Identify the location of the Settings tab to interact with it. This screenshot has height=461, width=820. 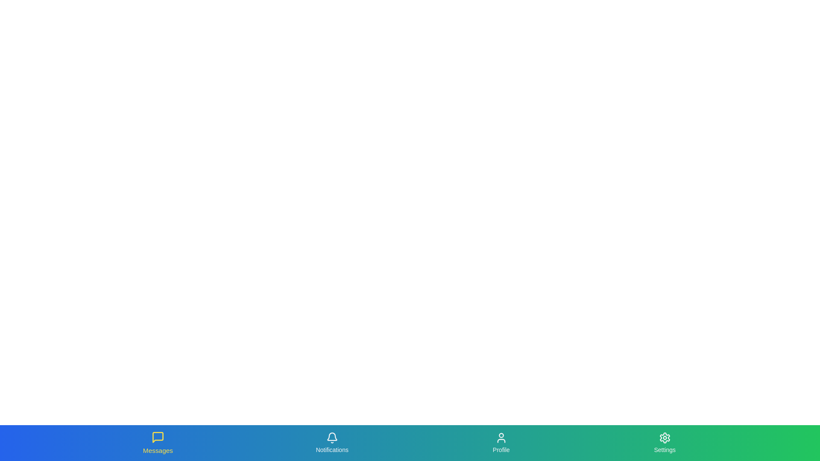
(664, 442).